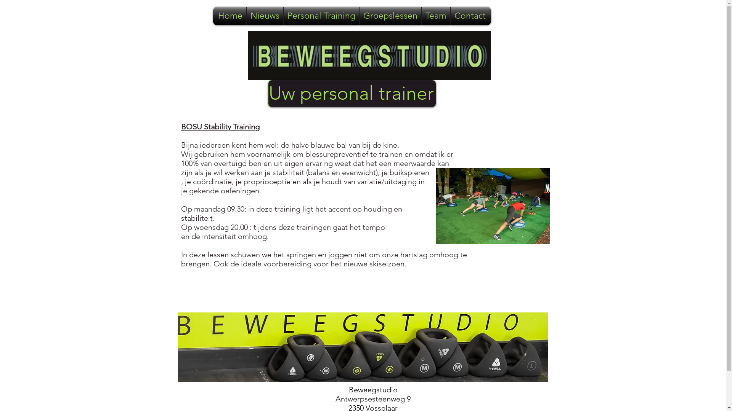  I want to click on 'Contact', so click(470, 16).